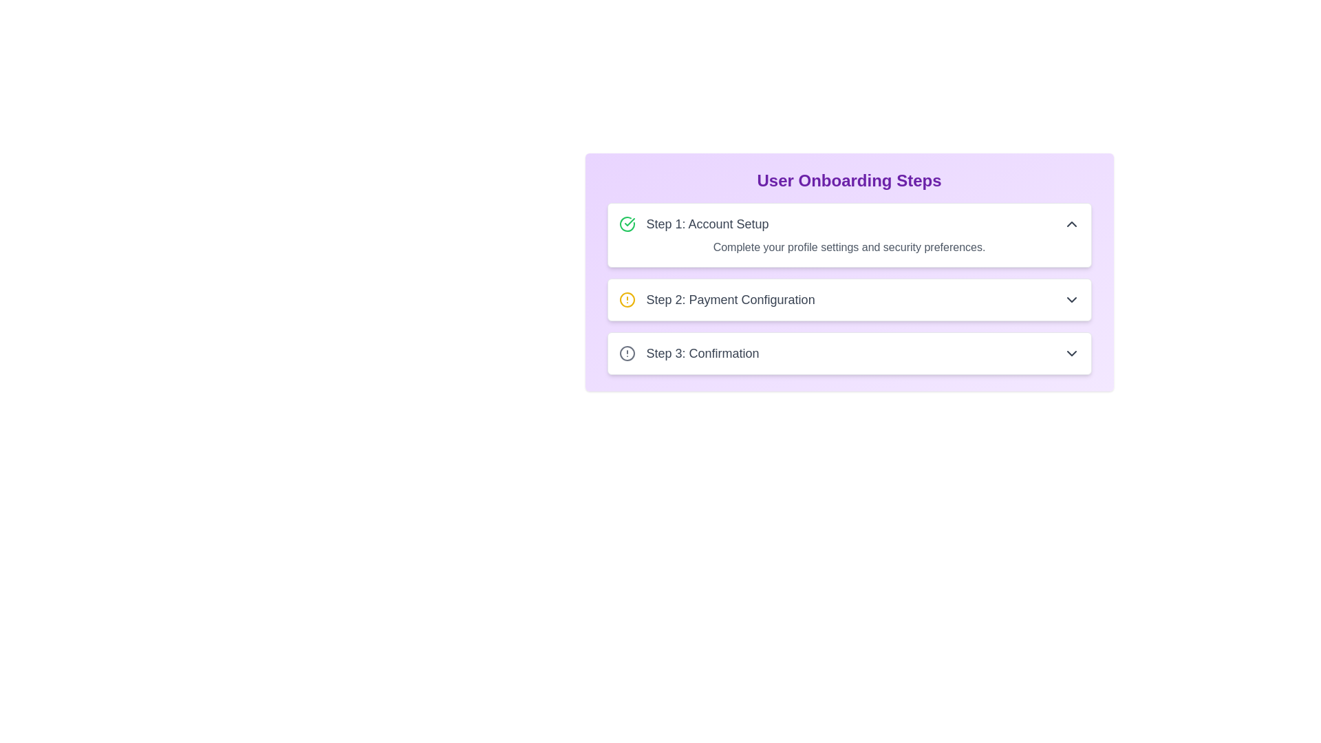 The height and width of the screenshot is (743, 1321). What do you see at coordinates (689, 352) in the screenshot?
I see `text label 'Step 3: Confirmation' in the user onboarding process interface, which includes a gray alert circle icon on its left side` at bounding box center [689, 352].